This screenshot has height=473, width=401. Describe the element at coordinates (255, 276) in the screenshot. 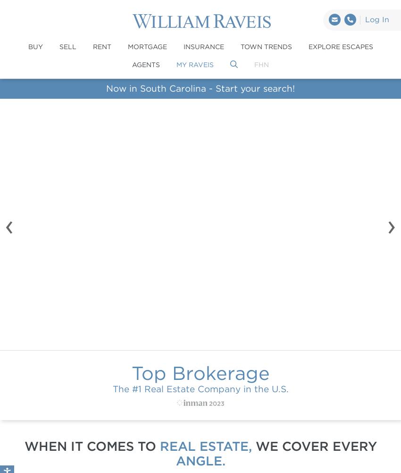

I see `'Rentals'` at that location.